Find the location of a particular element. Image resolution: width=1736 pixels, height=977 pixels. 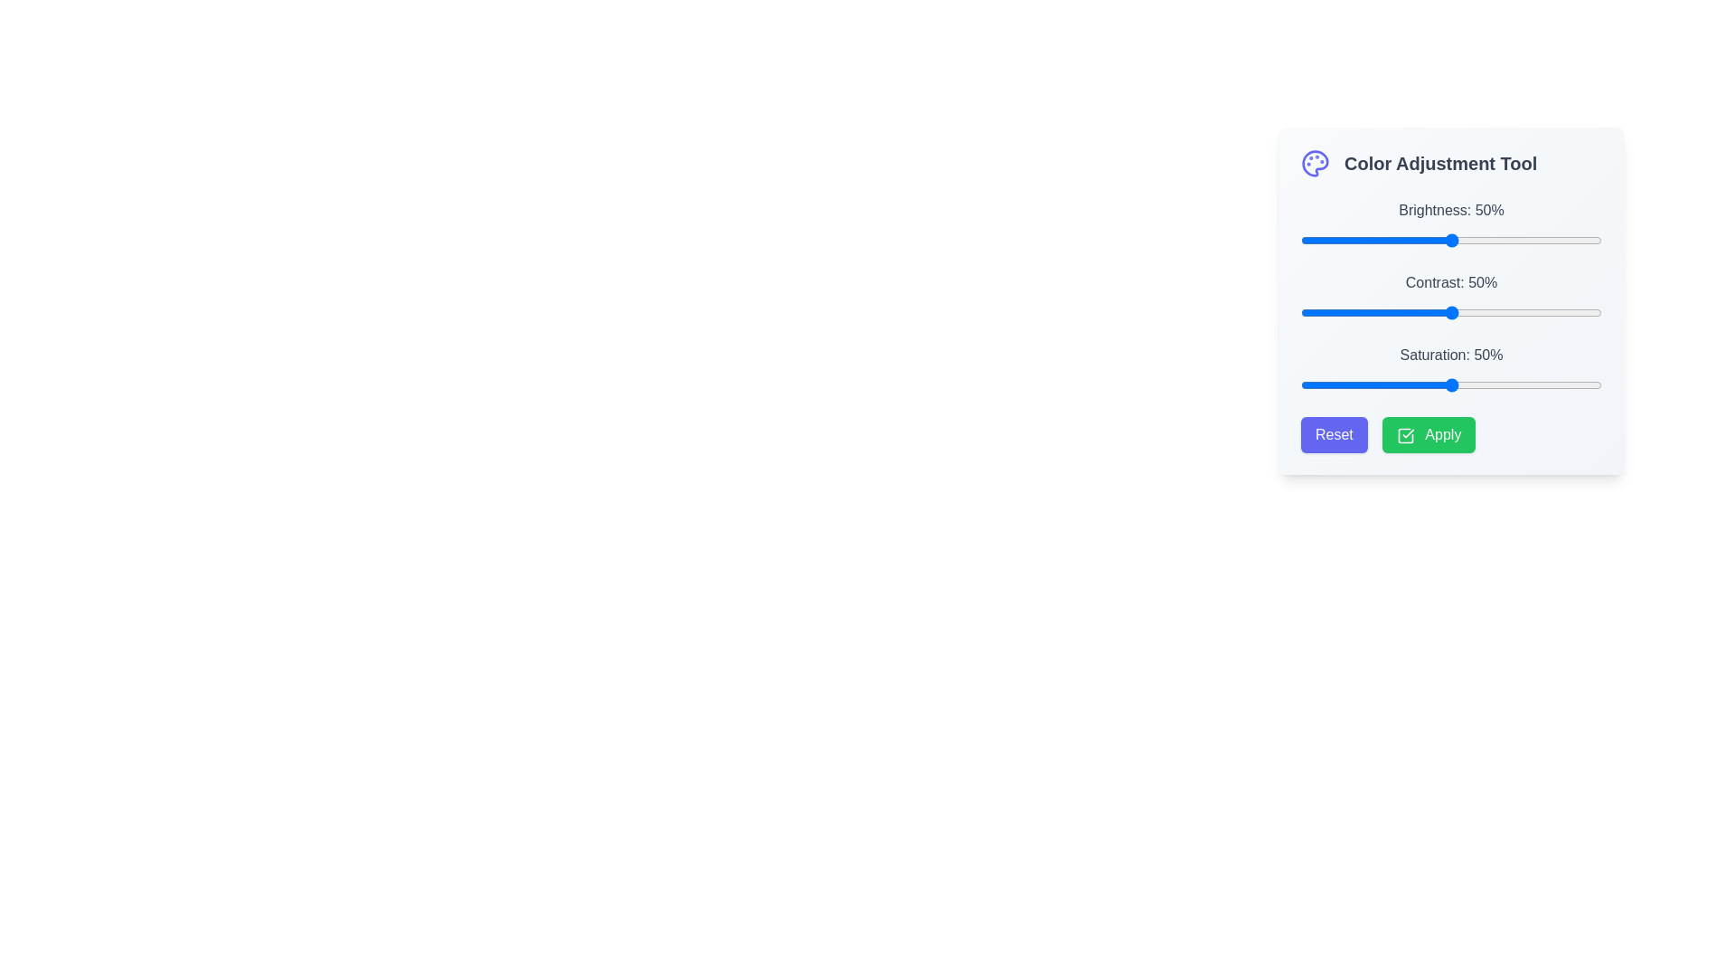

saturation is located at coordinates (1370, 384).